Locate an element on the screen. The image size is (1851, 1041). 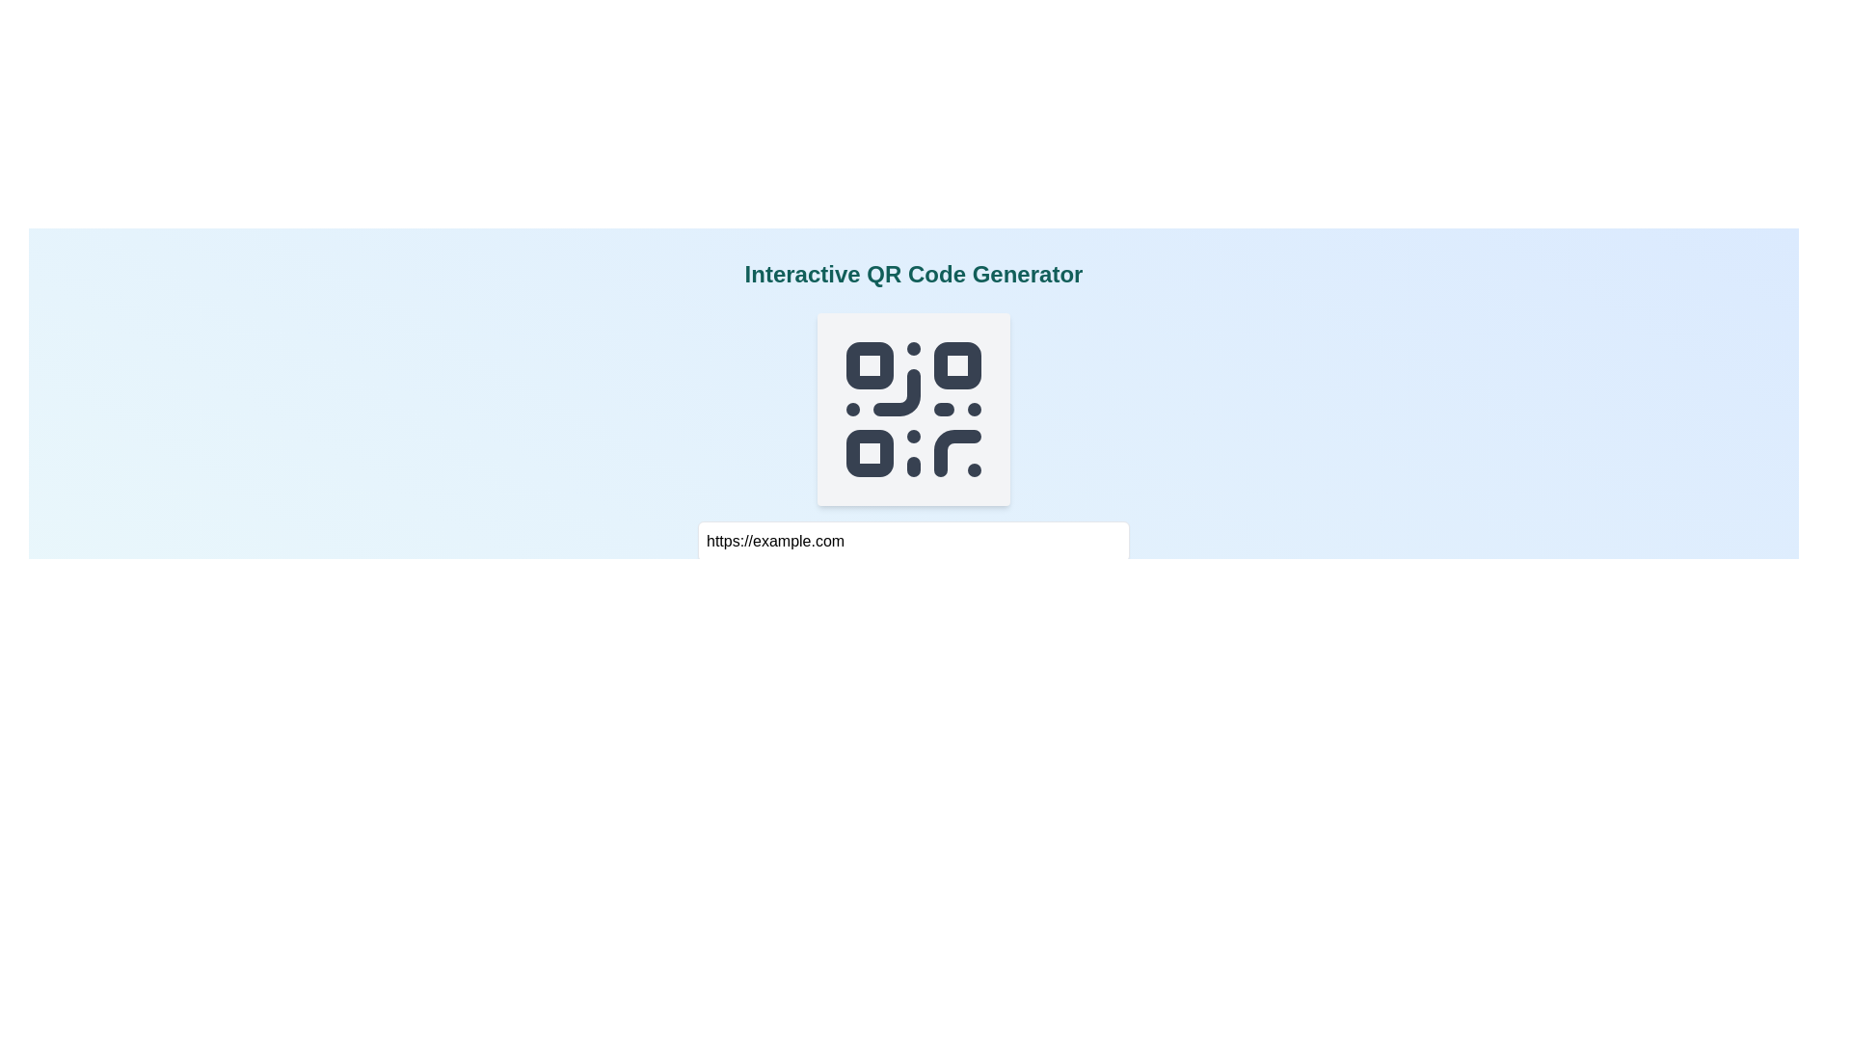
the QR code icon, which is a vector graphic representation with a structured geometric design, located centrally within the interface under the title 'Interactive QR Code Generator' is located at coordinates (913, 408).